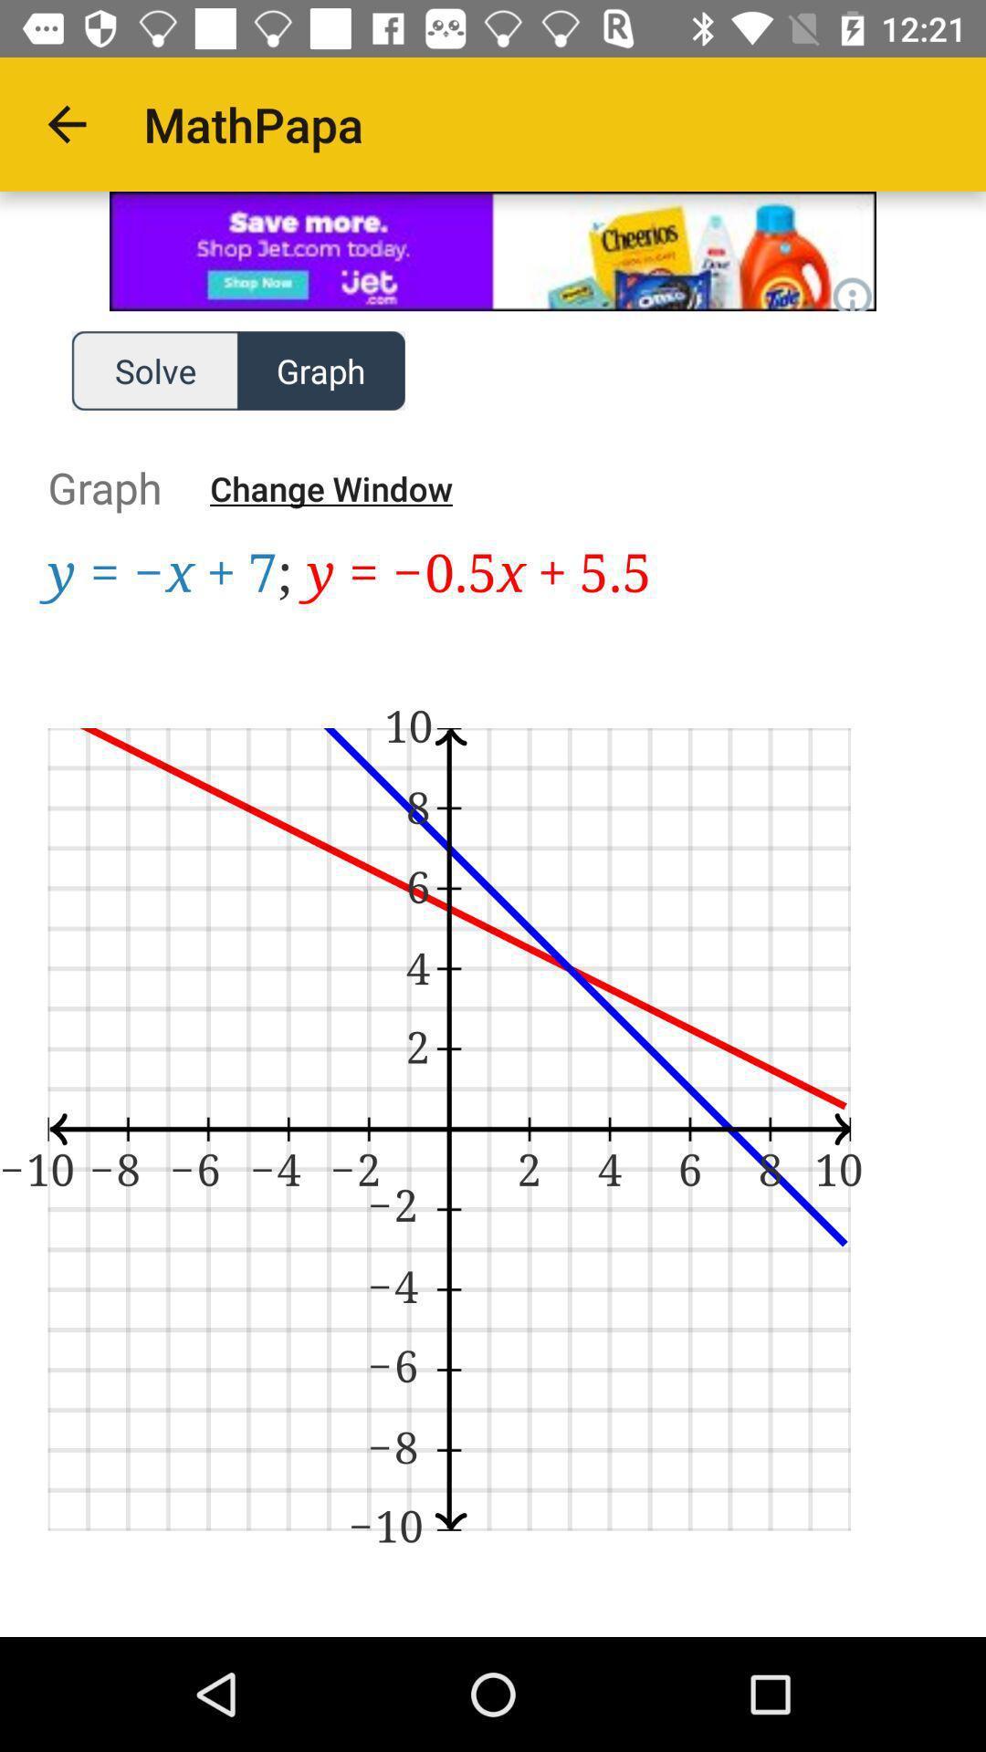 The image size is (986, 1752). I want to click on display field, so click(493, 1091).